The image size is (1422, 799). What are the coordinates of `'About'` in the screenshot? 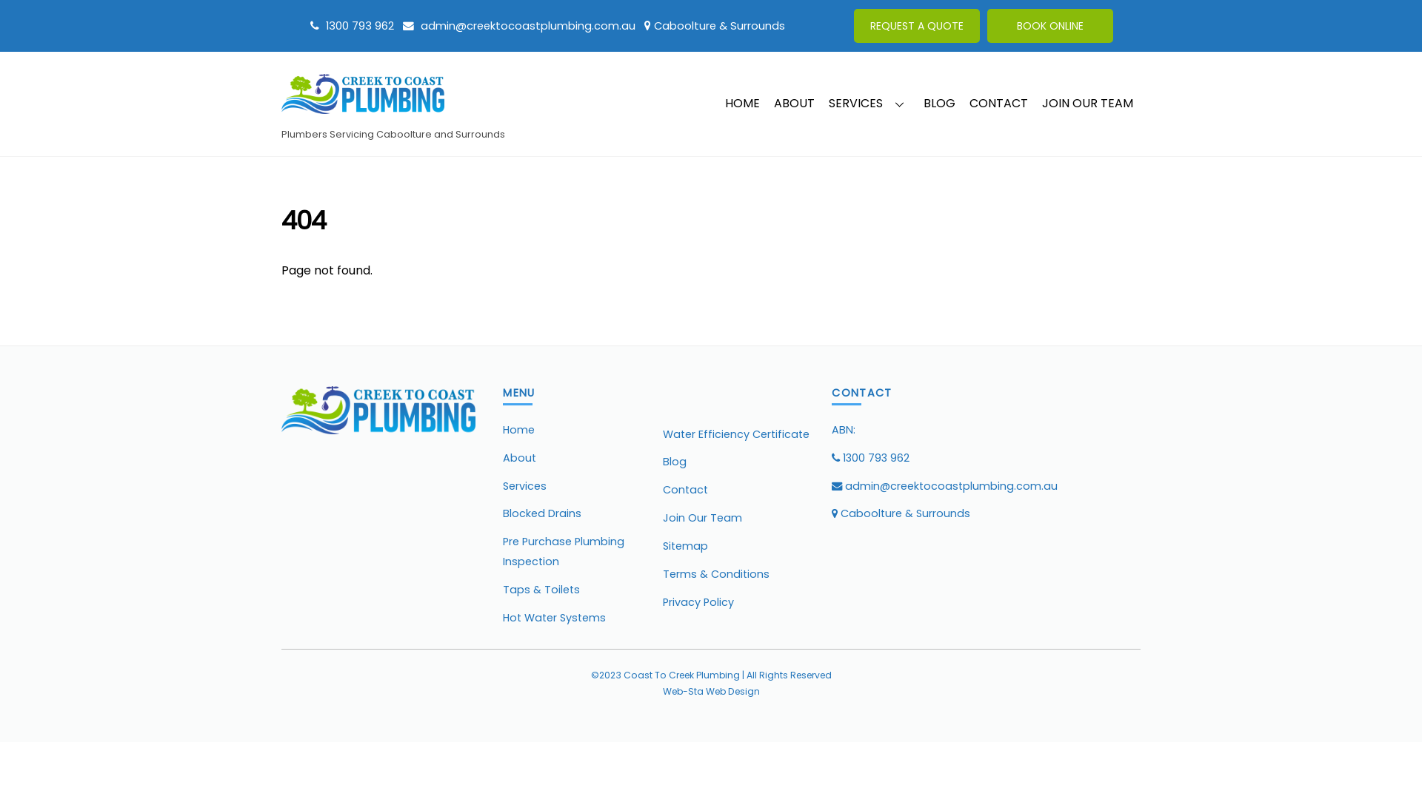 It's located at (519, 456).